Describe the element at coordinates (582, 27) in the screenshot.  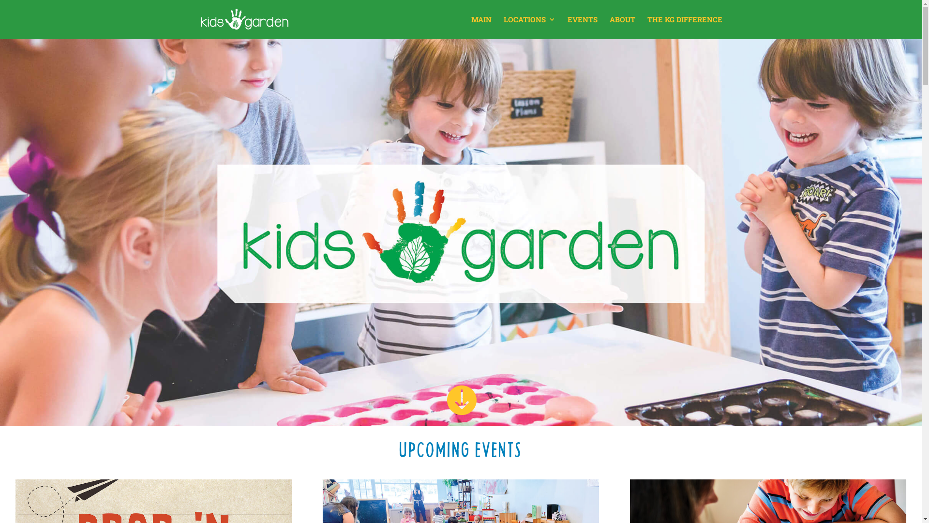
I see `'EVENTS'` at that location.